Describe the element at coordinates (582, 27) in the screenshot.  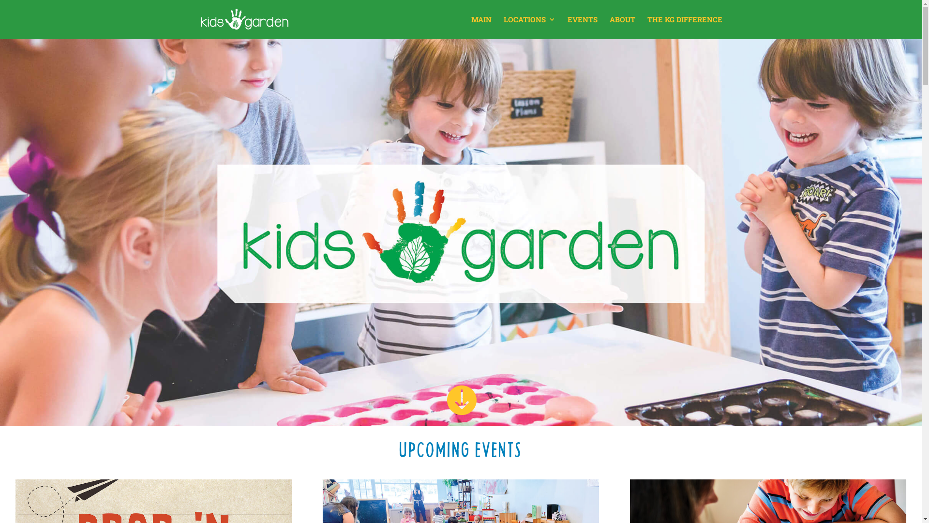
I see `'EVENTS'` at that location.